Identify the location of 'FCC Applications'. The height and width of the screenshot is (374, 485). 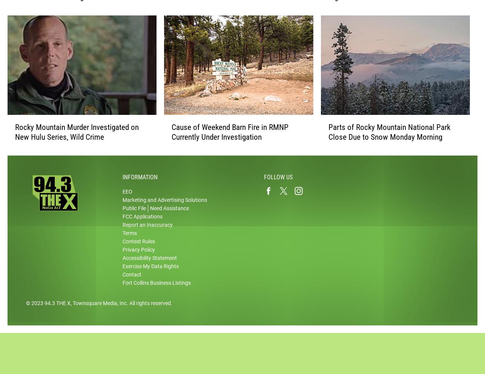
(142, 224).